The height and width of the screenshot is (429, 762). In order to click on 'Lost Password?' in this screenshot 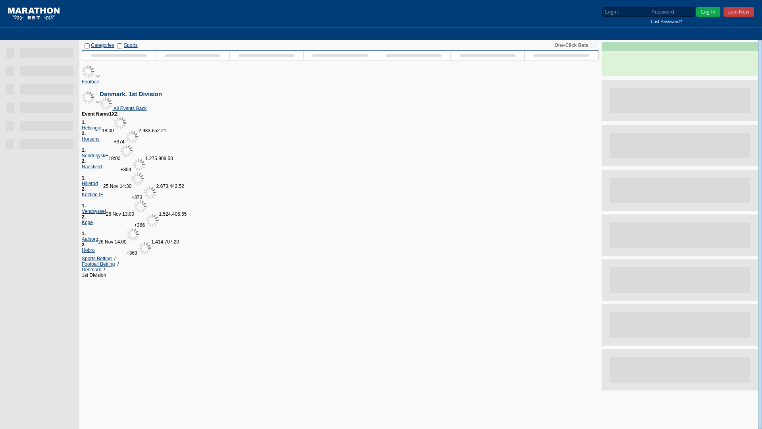, I will do `click(665, 21)`.